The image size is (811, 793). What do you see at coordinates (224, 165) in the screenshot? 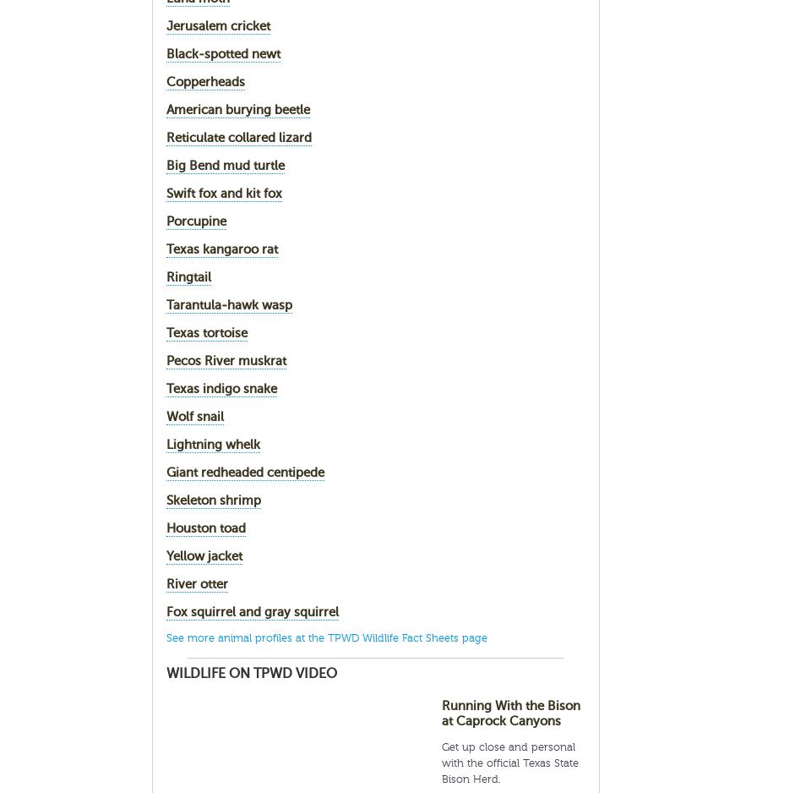
I see `'Big Bend mud turtle'` at bounding box center [224, 165].